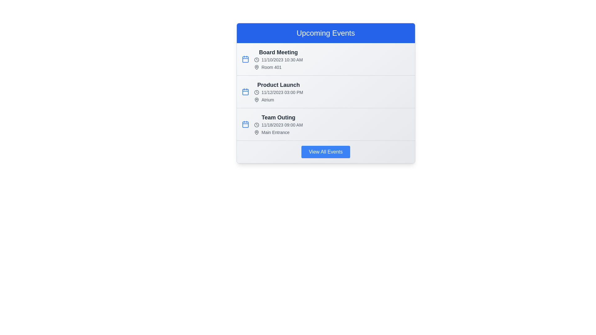 This screenshot has height=335, width=596. What do you see at coordinates (278, 99) in the screenshot?
I see `'Atrium' label with map pin icon, which is styled in small gray text and located under the date and time within the 'Product Launch' event section of the 'Upcoming Events' card` at bounding box center [278, 99].